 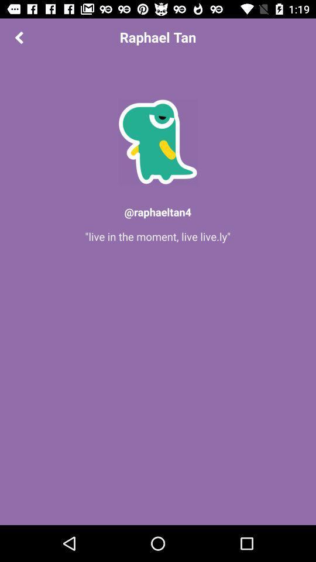 What do you see at coordinates (18, 37) in the screenshot?
I see `back button` at bounding box center [18, 37].